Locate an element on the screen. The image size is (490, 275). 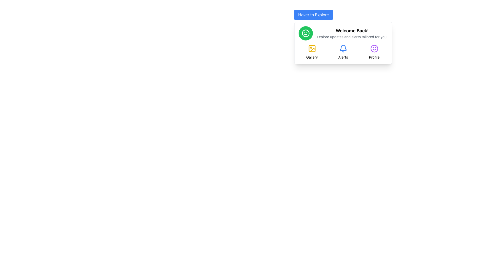
welcome text block located centrally in the interface, positioned to the right of a green smiling face icon is located at coordinates (352, 33).